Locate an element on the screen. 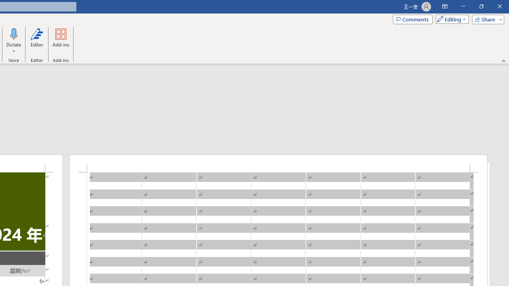 The height and width of the screenshot is (286, 509). 'More Options' is located at coordinates (14, 48).